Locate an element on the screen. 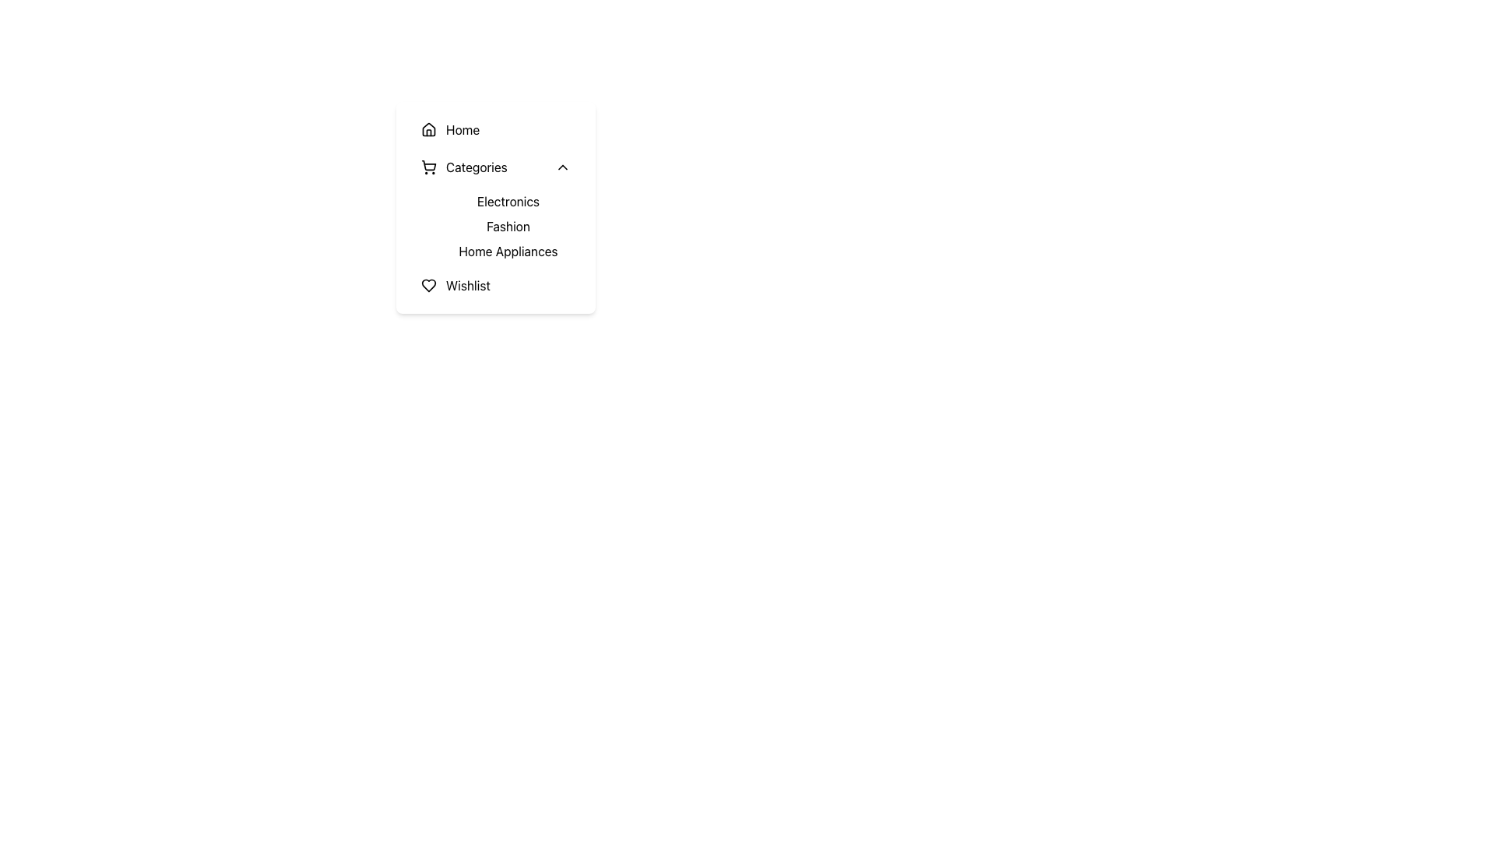 The image size is (1495, 841). the Wishlist menu item, which is the last item in a vertical list of menu items including Home, Categories, Electronics, Fashion, and Home Appliances is located at coordinates (495, 285).